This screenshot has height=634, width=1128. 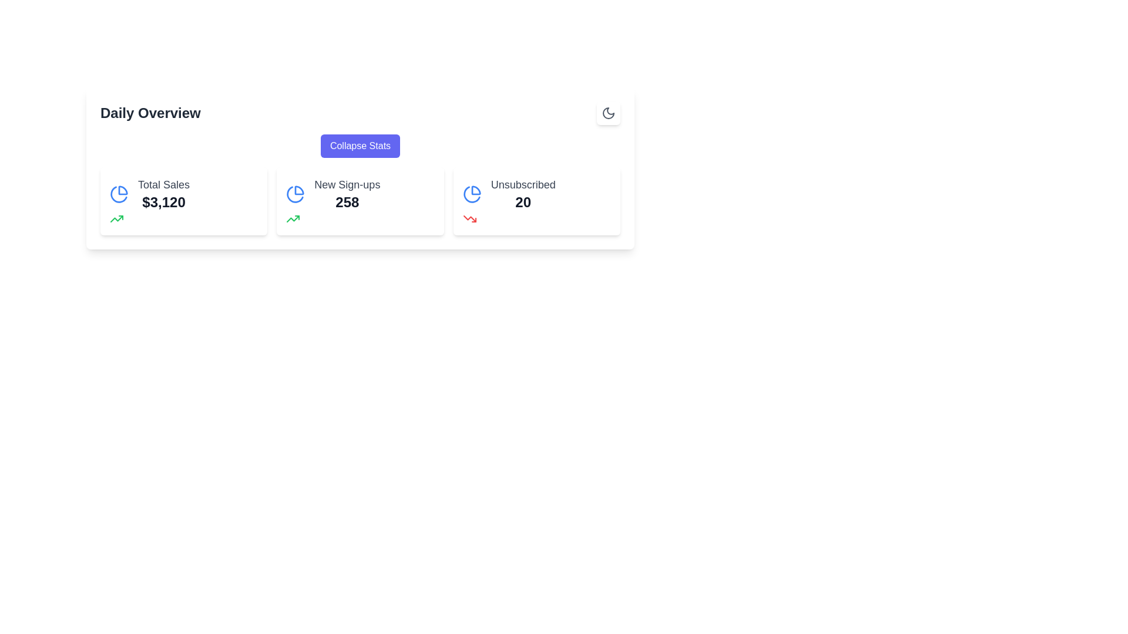 I want to click on the displayed number in the Text Label that shows the total number of users who unsubscribed, located in a card component to the far-right of a row of statistical cards, directly below the label 'Unsubscribed', so click(x=522, y=194).